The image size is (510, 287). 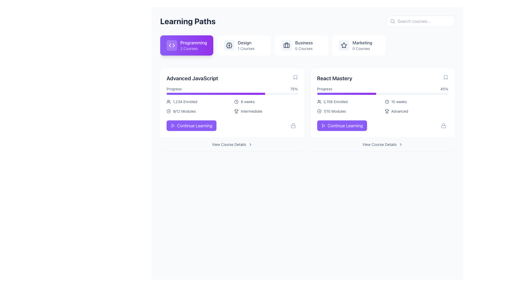 What do you see at coordinates (446, 77) in the screenshot?
I see `the bookmark icon button in the top-right corner of the 'React Mastery' course card to bookmark the course` at bounding box center [446, 77].